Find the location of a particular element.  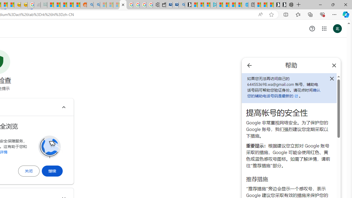

'DITOGAMES AG Imprint - Sleeping' is located at coordinates (44, 5).